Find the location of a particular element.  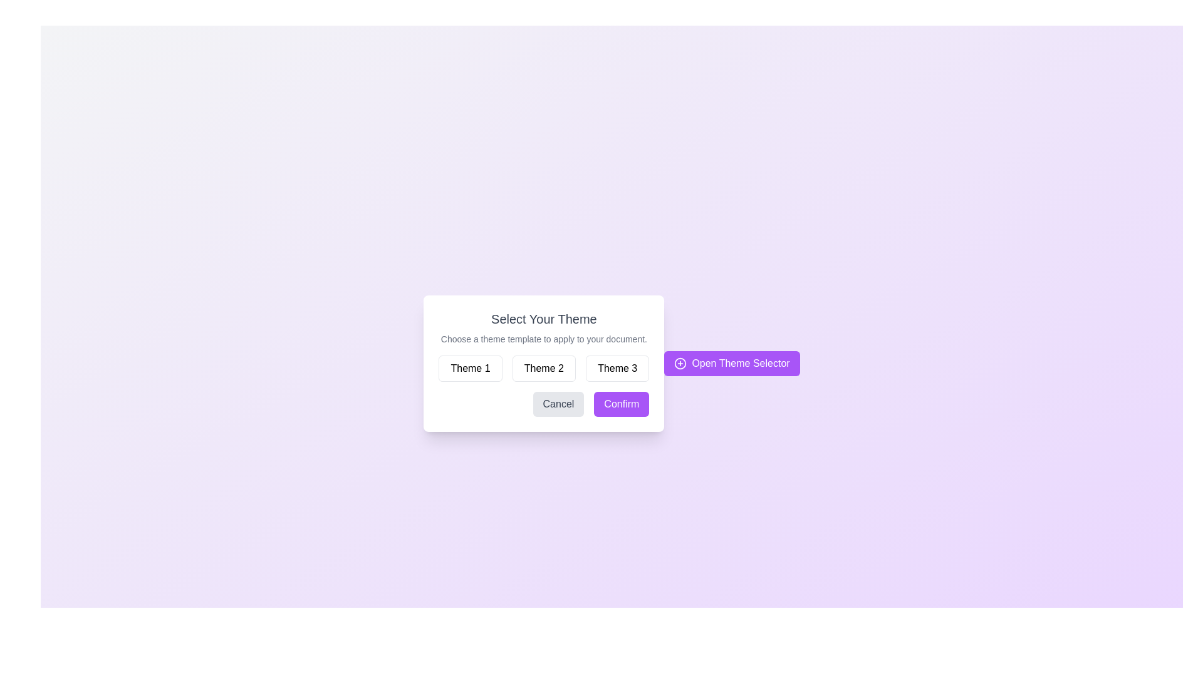

the 'Theme 1' button, which is a rectangular button with rounded corners, a white background, and centered black text is located at coordinates (470, 368).